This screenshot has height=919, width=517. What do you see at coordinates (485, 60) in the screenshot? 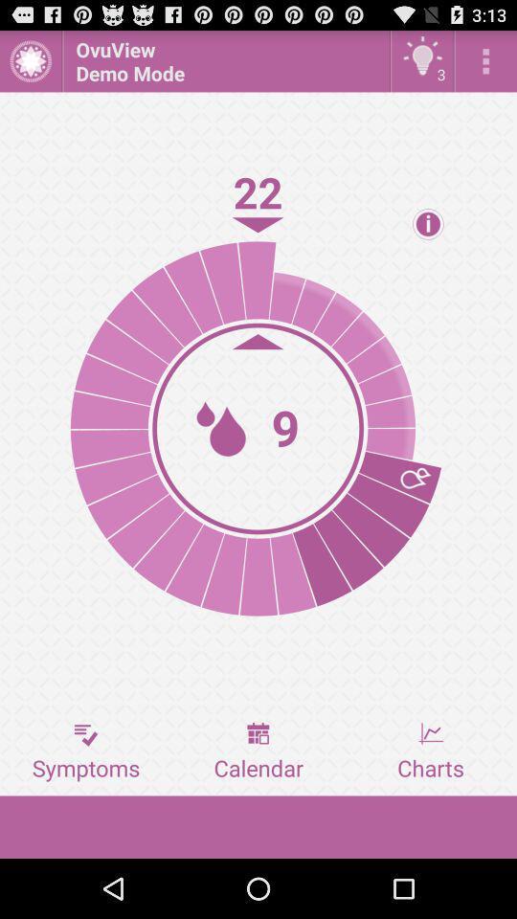
I see `open more options` at bounding box center [485, 60].